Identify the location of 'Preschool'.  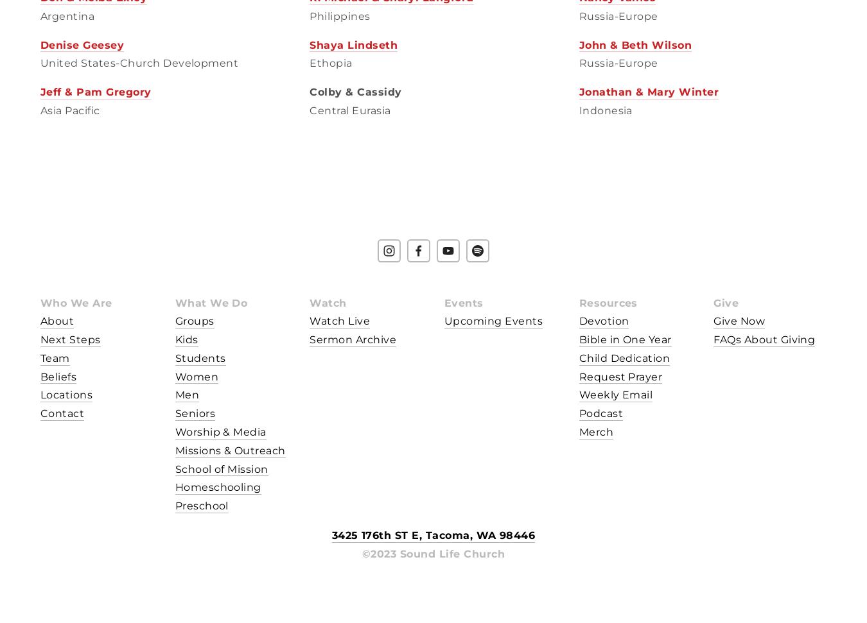
(200, 506).